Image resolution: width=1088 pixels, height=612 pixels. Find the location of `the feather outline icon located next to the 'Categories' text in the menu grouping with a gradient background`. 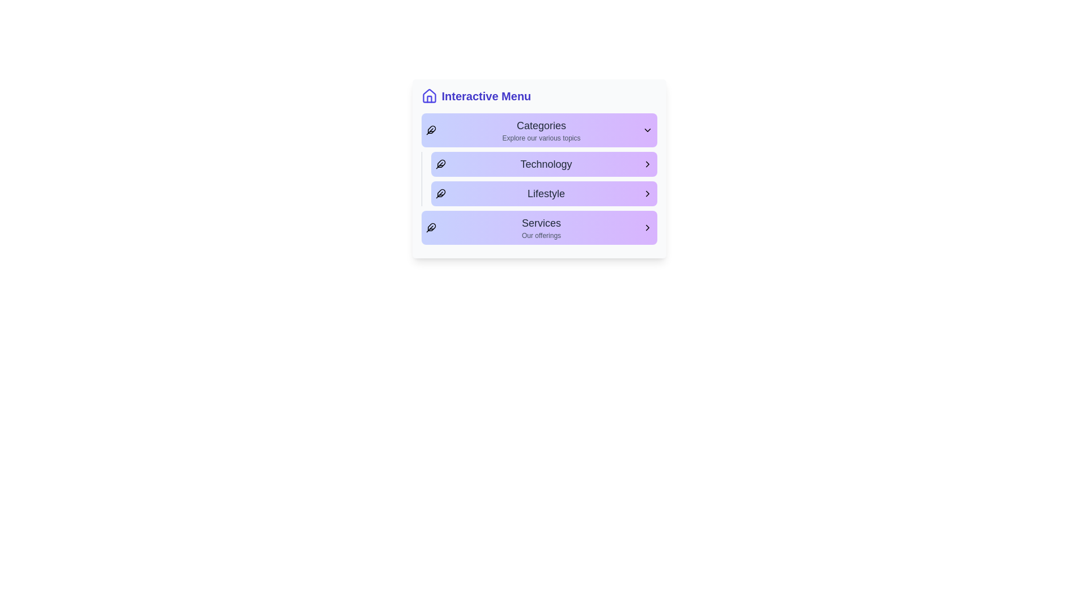

the feather outline icon located next to the 'Categories' text in the menu grouping with a gradient background is located at coordinates (430, 130).